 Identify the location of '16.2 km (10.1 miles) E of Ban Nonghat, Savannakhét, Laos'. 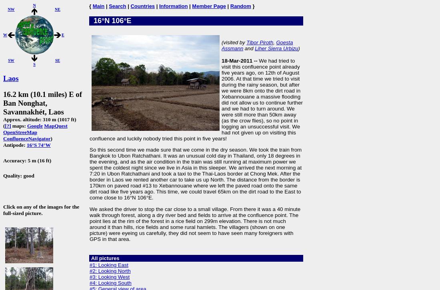
(42, 103).